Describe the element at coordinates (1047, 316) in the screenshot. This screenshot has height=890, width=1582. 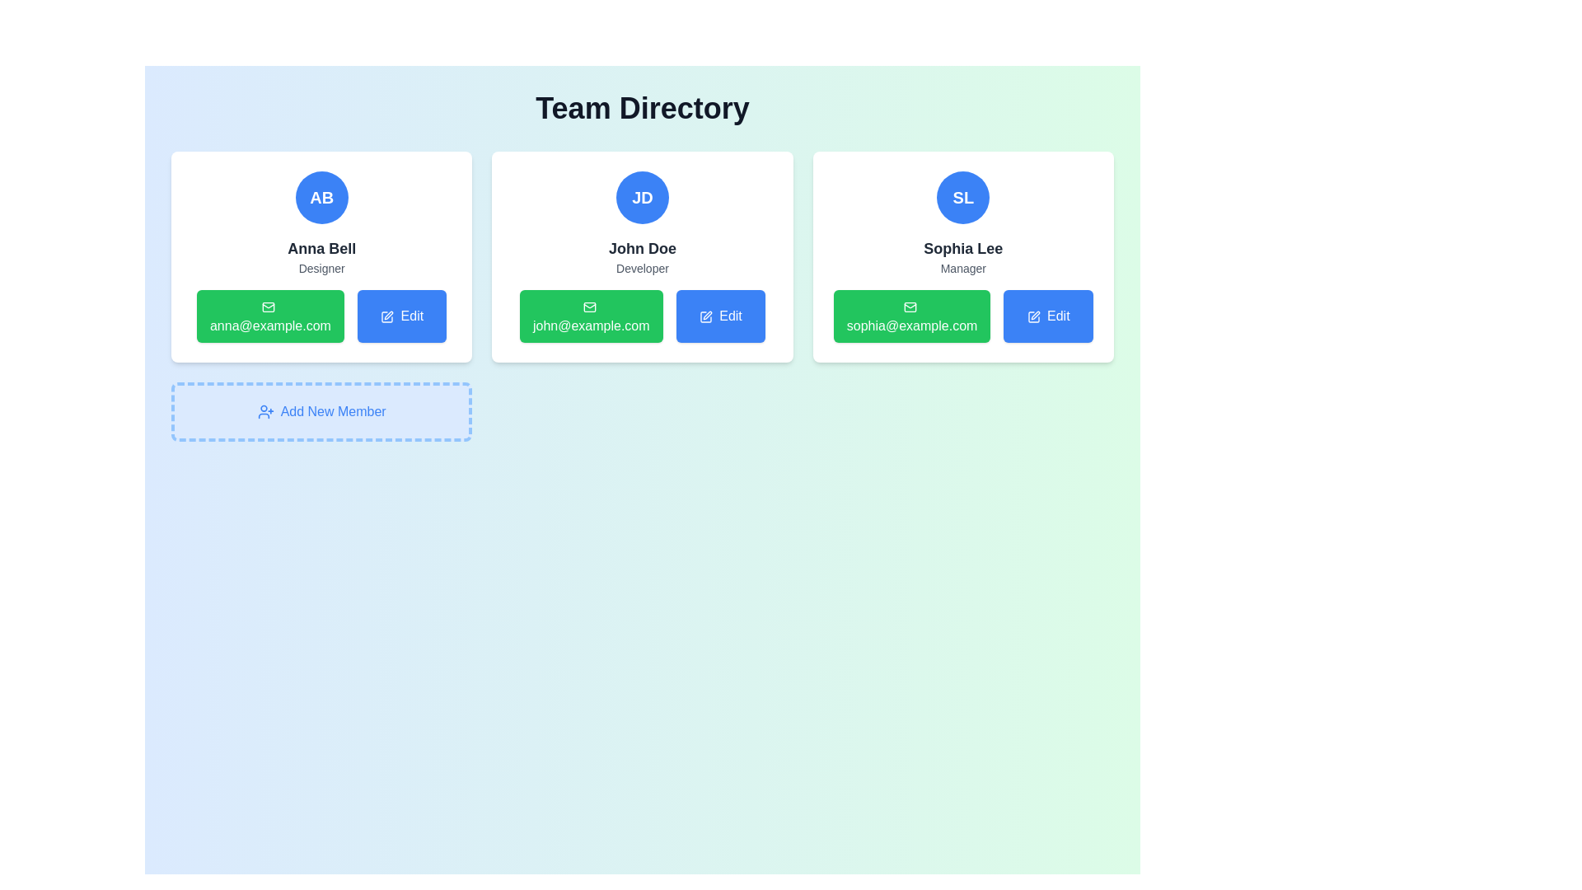
I see `the blue 'Edit' button with a pencil icon, located in the bottom-right corner of the card for user 'Sophia Lee'` at that location.